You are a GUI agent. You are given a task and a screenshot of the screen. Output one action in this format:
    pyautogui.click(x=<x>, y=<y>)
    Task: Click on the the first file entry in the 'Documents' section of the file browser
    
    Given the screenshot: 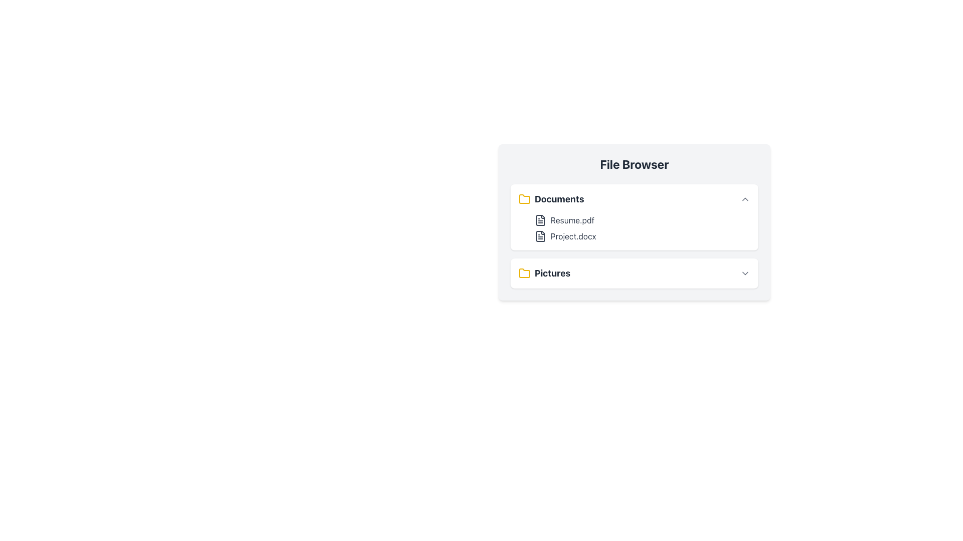 What is the action you would take?
    pyautogui.click(x=643, y=219)
    